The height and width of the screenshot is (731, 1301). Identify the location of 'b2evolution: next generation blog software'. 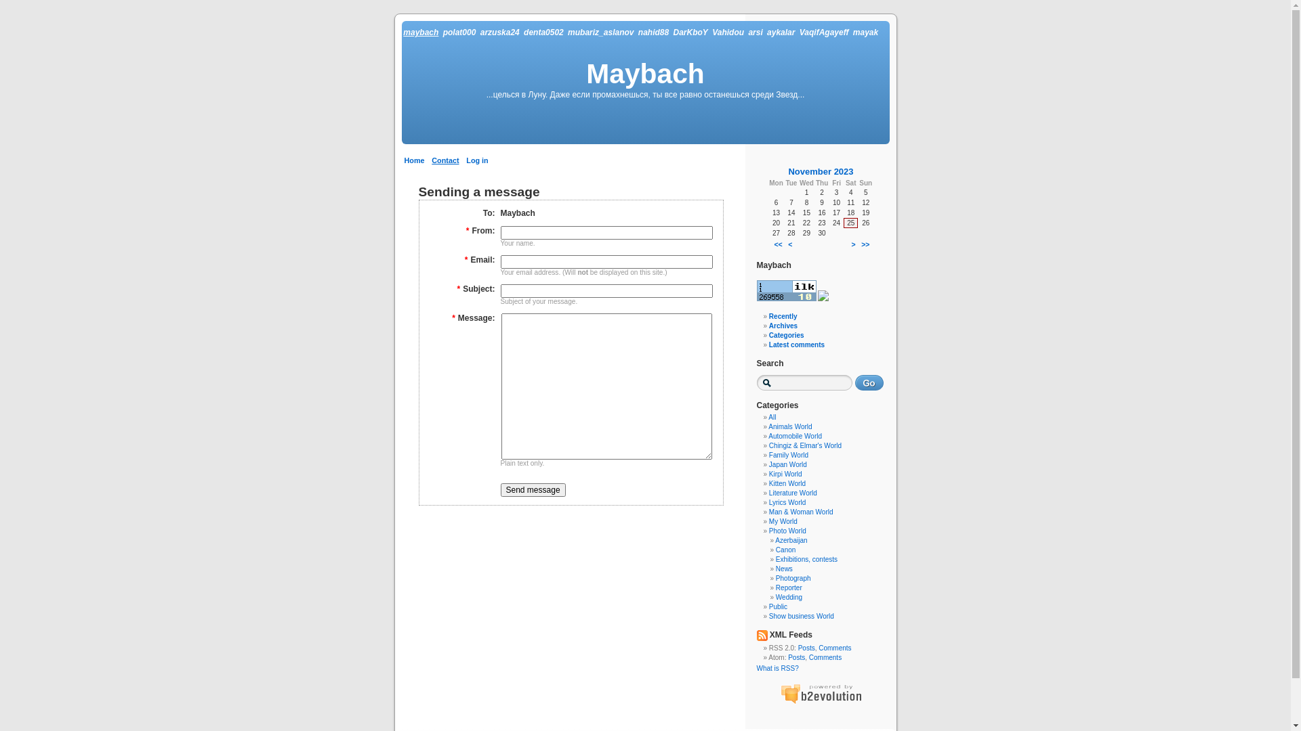
(820, 701).